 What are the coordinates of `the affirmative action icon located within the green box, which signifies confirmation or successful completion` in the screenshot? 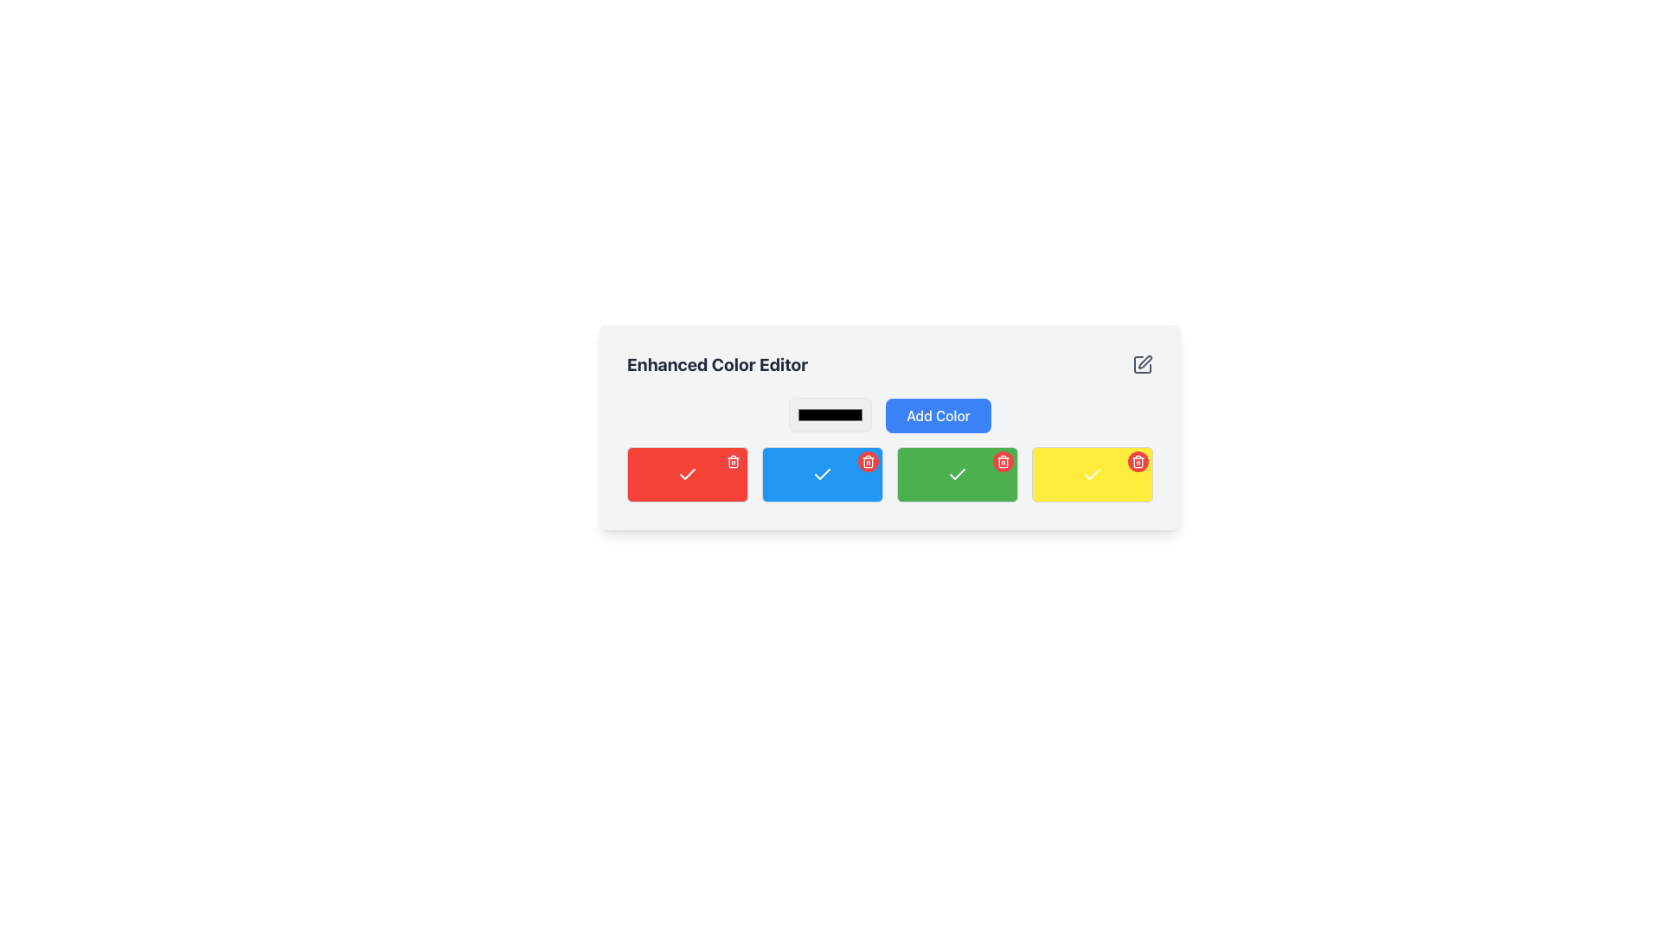 It's located at (957, 474).